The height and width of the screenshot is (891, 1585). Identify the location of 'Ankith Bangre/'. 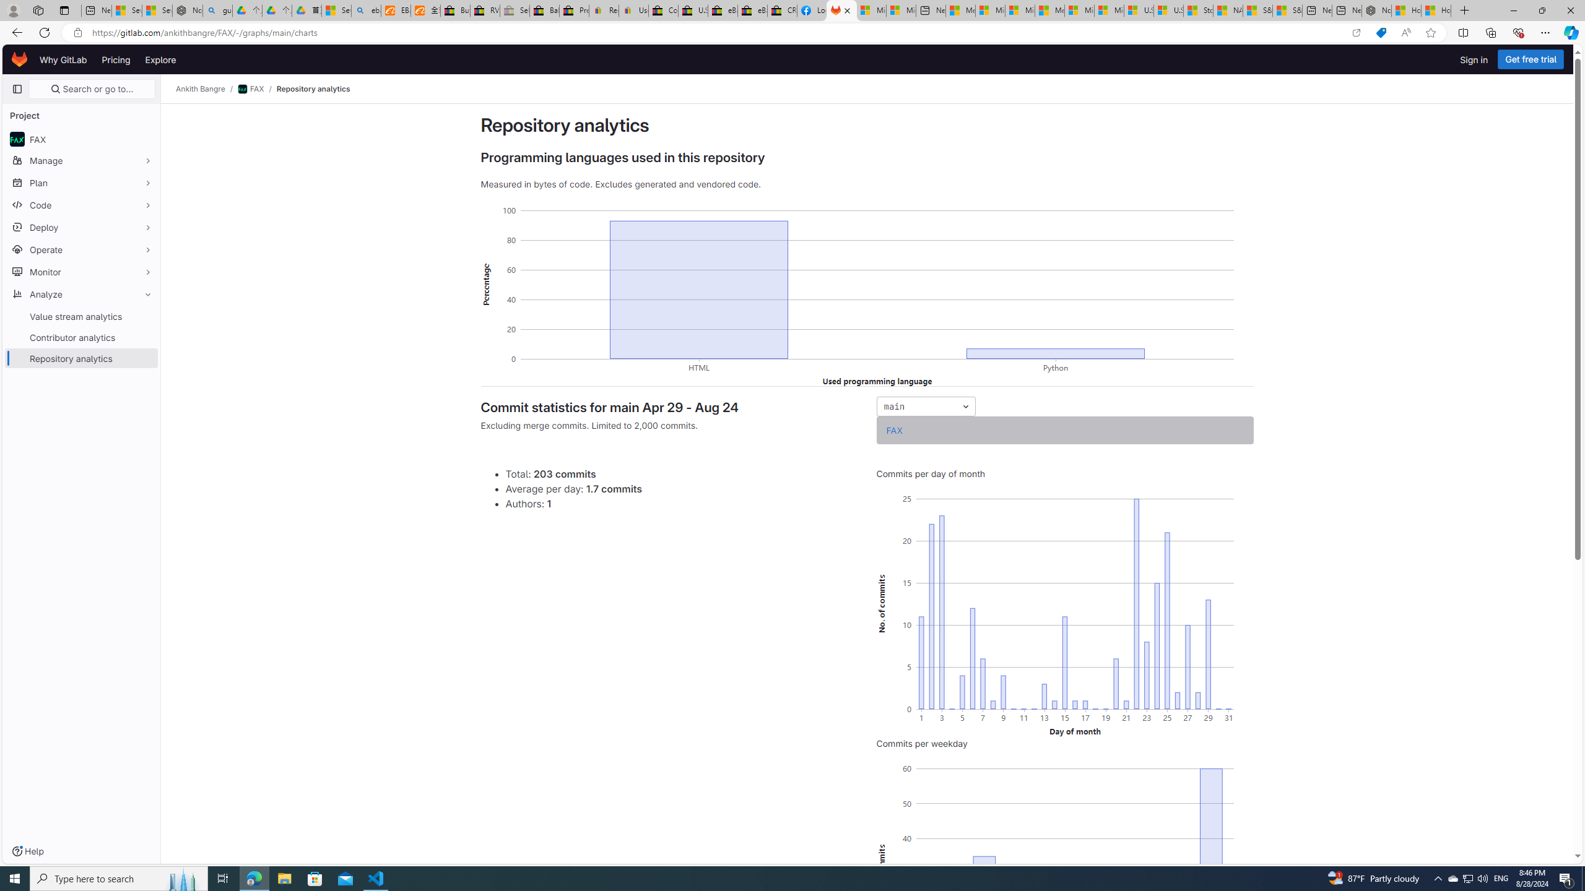
(207, 88).